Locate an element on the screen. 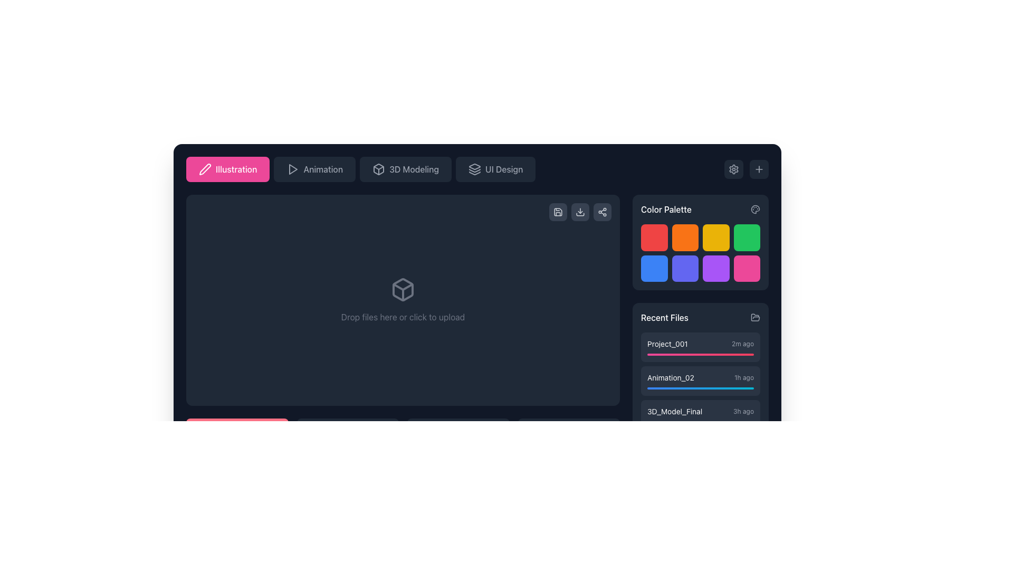  the gear icon in the top-right corner of the interface is located at coordinates (733, 168).